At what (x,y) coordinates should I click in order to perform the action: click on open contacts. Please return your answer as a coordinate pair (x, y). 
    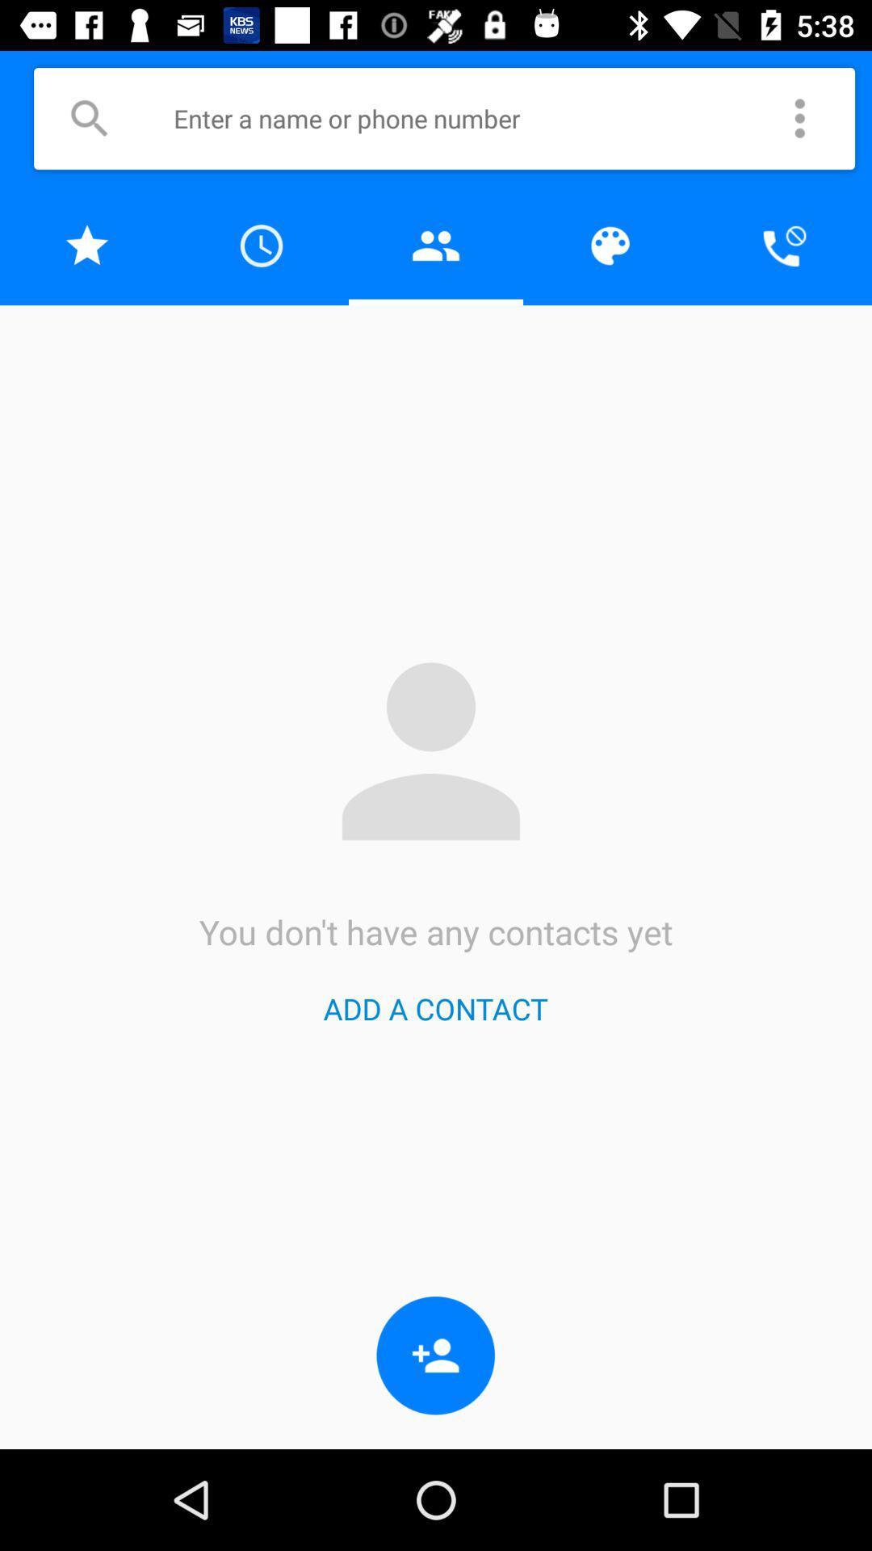
    Looking at the image, I should click on (436, 245).